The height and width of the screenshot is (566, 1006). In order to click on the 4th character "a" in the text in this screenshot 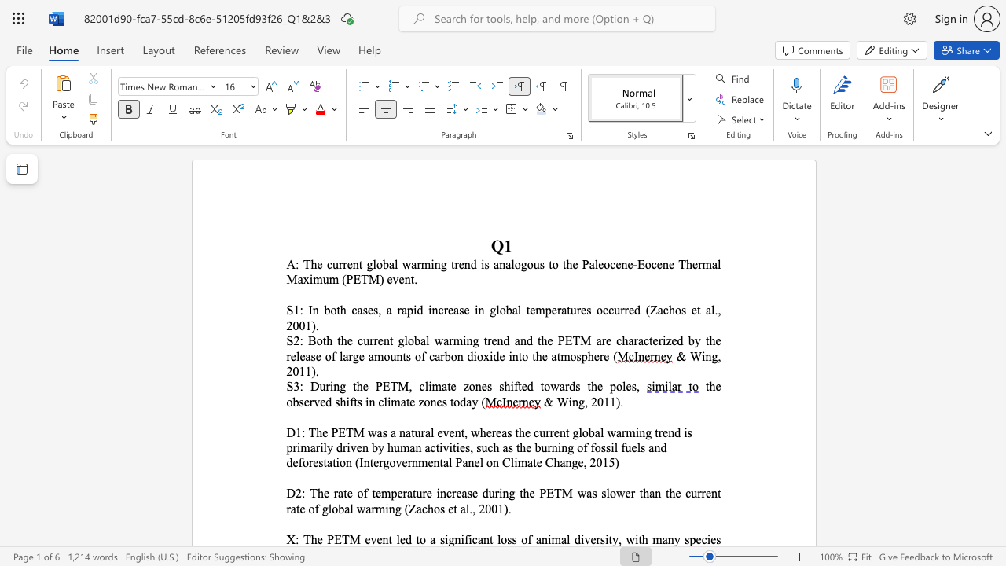, I will do `click(308, 356)`.